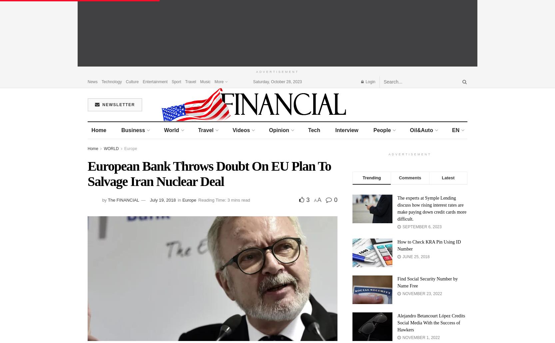 This screenshot has width=555, height=343. What do you see at coordinates (415, 257) in the screenshot?
I see `'June 25, 2018'` at bounding box center [415, 257].